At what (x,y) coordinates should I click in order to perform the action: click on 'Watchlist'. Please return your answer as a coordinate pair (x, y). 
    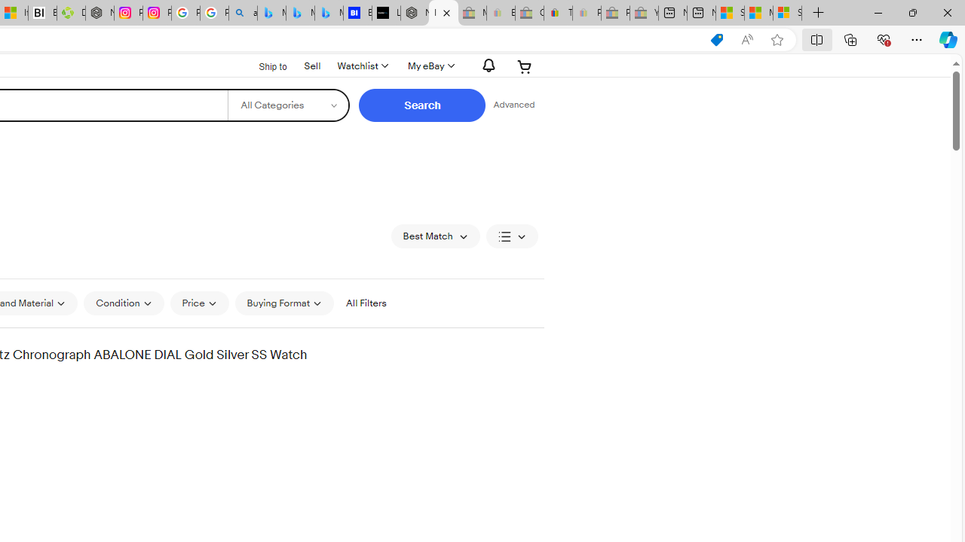
    Looking at the image, I should click on (362, 65).